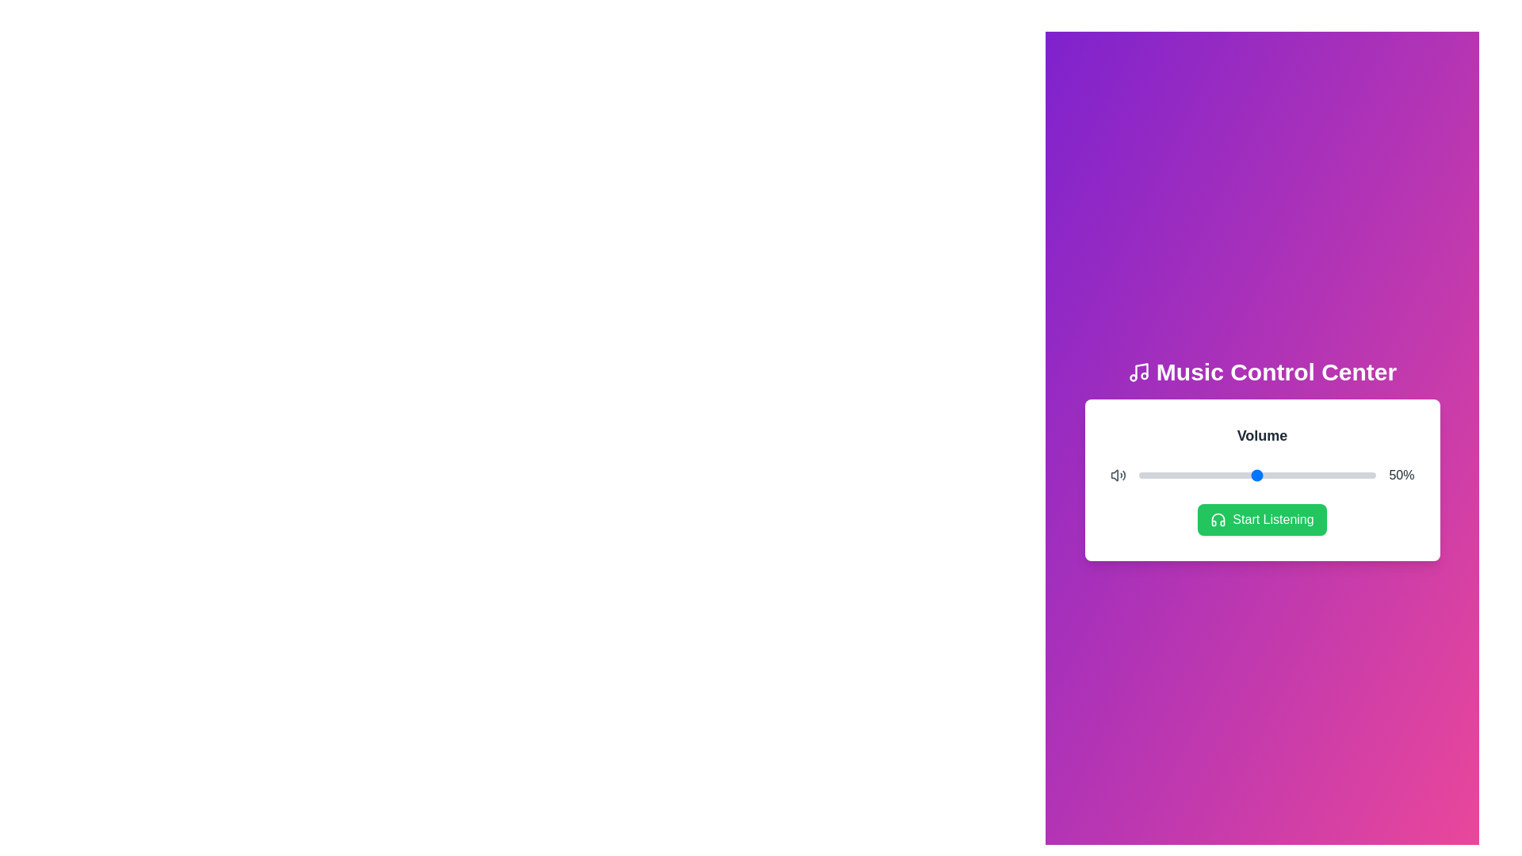  What do you see at coordinates (1200, 475) in the screenshot?
I see `the volume slider to 26%` at bounding box center [1200, 475].